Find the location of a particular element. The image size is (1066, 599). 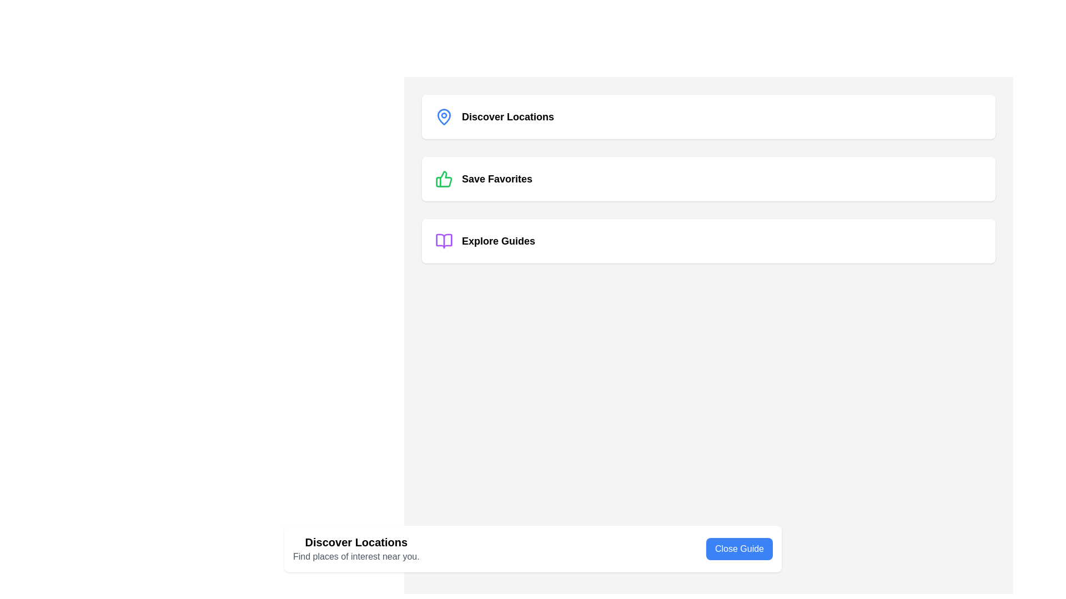

static text label that serves as the title or header for the content indicating the purpose of finding locations of interest, positioned above the text 'Find places of interest near you.' is located at coordinates (356, 542).